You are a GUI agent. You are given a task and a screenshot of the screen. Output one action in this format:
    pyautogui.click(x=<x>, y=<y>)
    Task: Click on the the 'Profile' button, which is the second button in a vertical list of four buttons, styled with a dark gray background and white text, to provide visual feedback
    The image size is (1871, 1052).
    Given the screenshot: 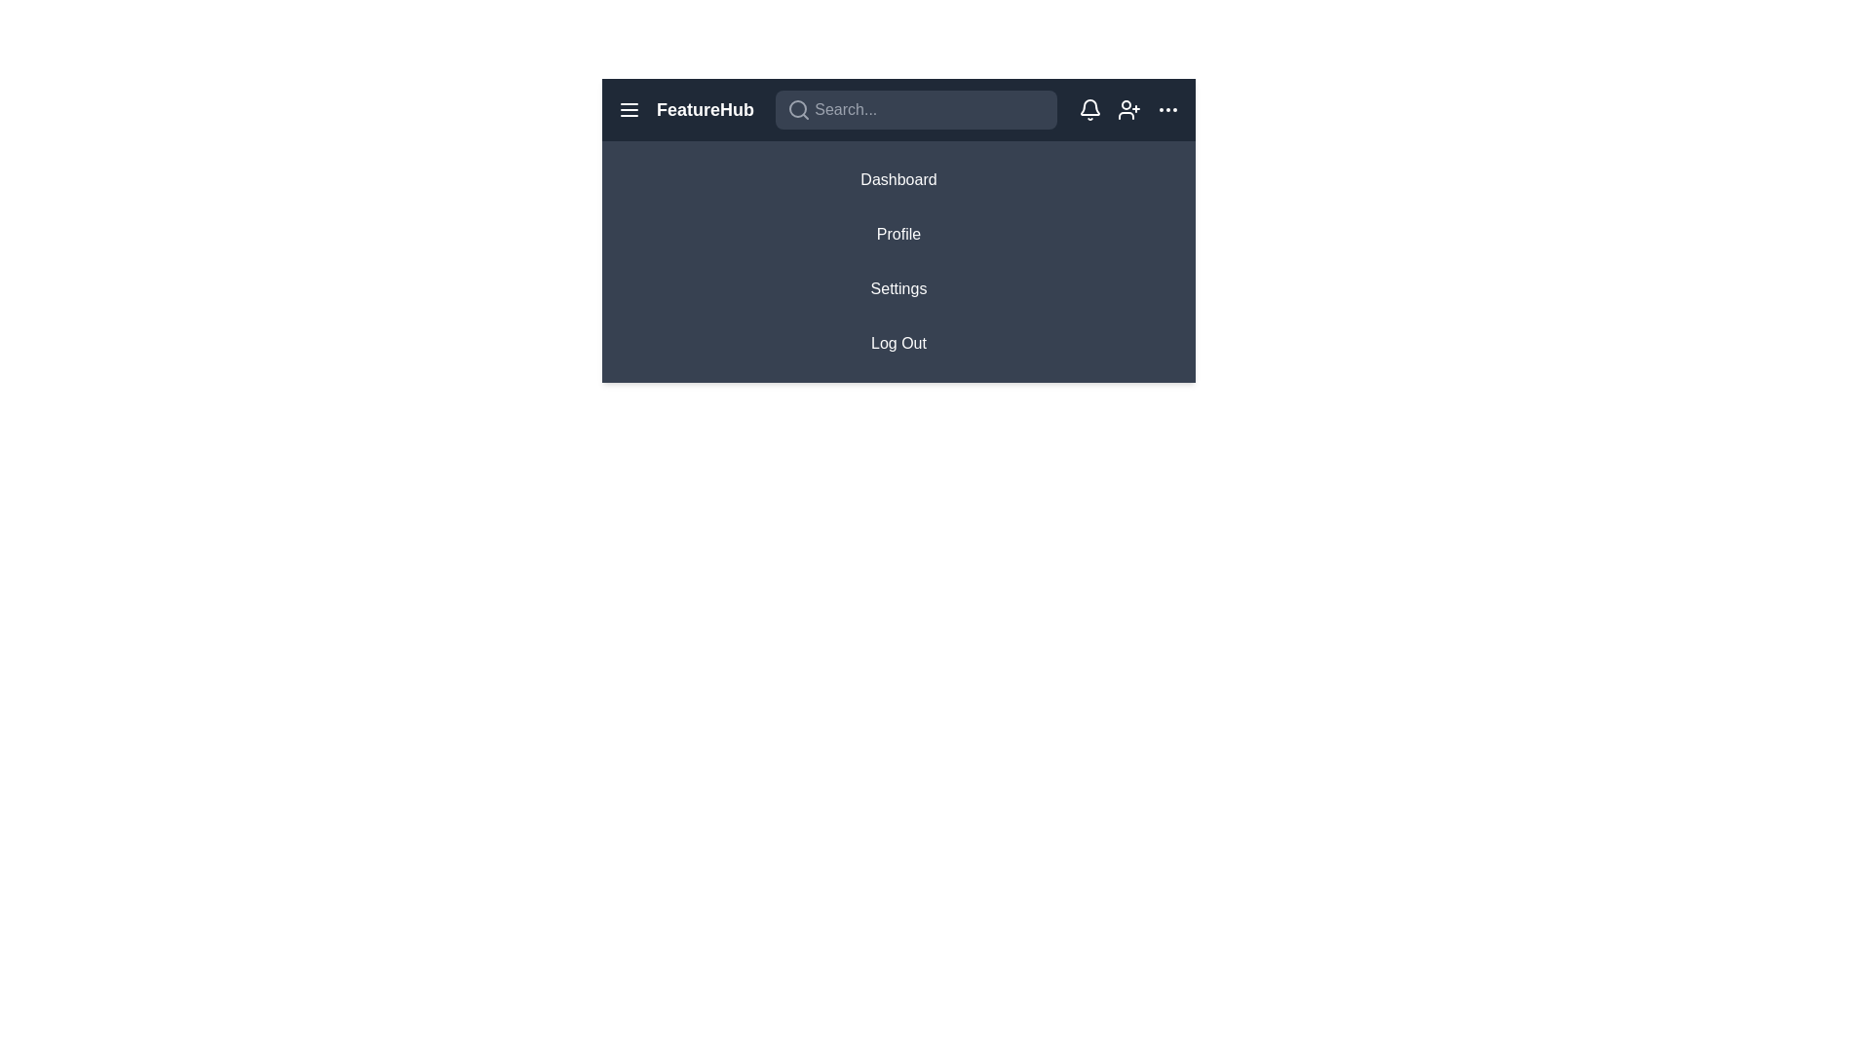 What is the action you would take?
    pyautogui.click(x=897, y=233)
    